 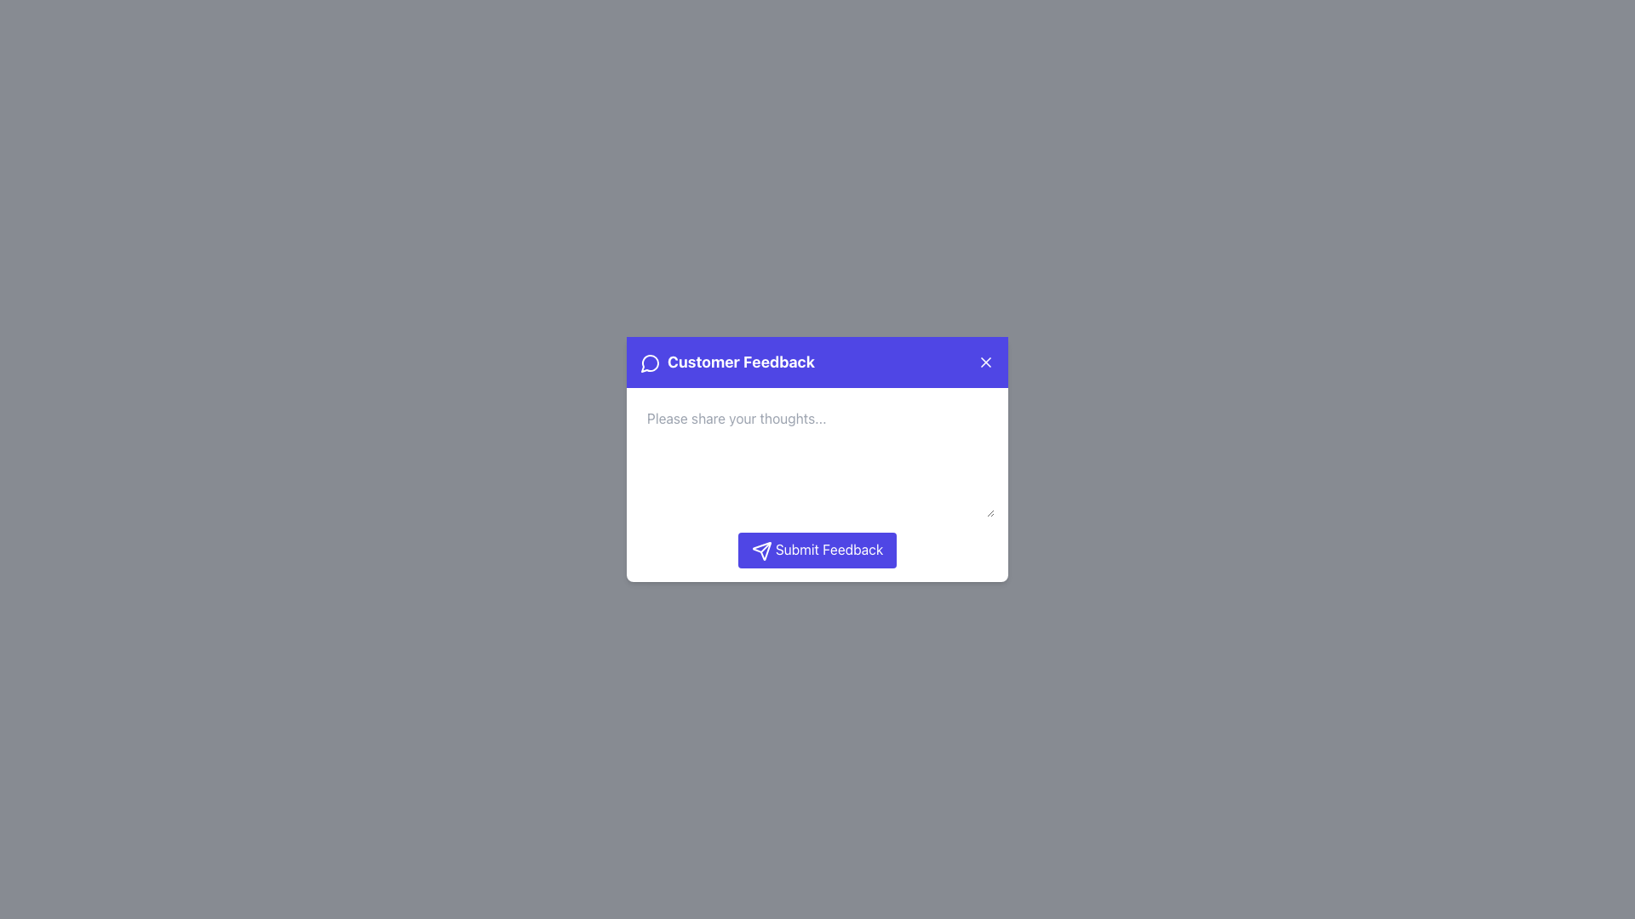 What do you see at coordinates (649, 362) in the screenshot?
I see `the distinctive communication icon located on the left side of the 'Customer Feedback' title in the popup header` at bounding box center [649, 362].